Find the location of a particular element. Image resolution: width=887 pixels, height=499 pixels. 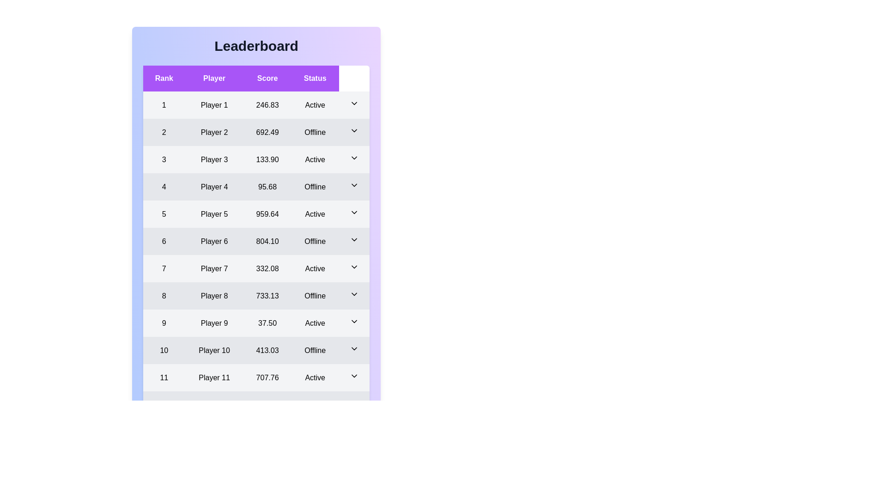

the column header Player to sort the leaderboard is located at coordinates (214, 78).